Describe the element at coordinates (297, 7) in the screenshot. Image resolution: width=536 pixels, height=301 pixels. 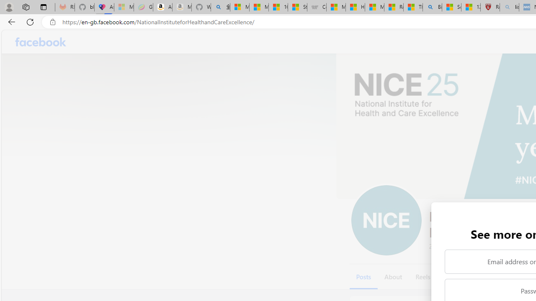
I see `'Stocks - MSN'` at that location.